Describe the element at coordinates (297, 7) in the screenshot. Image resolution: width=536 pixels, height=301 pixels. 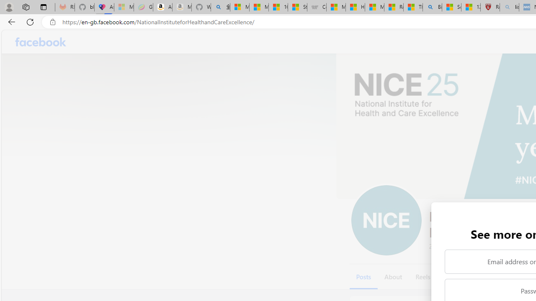
I see `'Stocks - MSN'` at that location.